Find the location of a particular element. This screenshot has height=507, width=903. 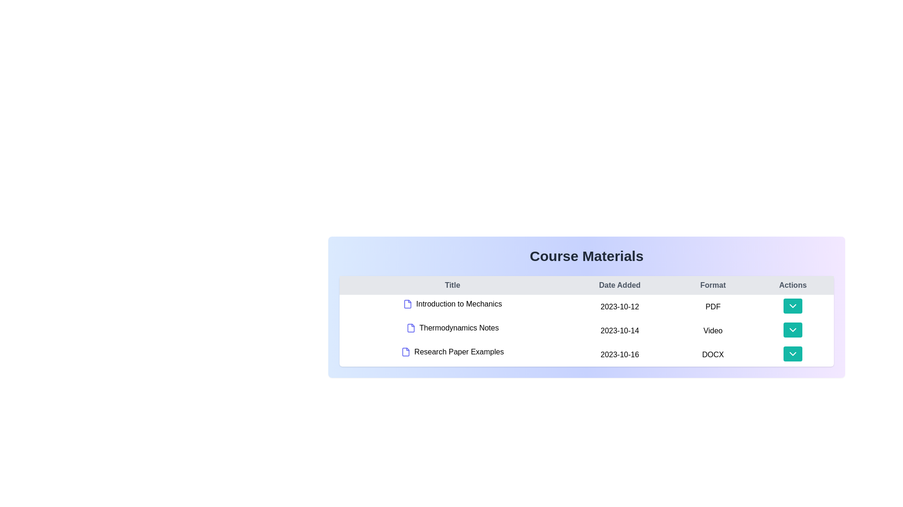

the file icon representing a document located in the last row of the table under the 'Title' column, preceding the text 'Research Paper Examples' is located at coordinates (406, 352).